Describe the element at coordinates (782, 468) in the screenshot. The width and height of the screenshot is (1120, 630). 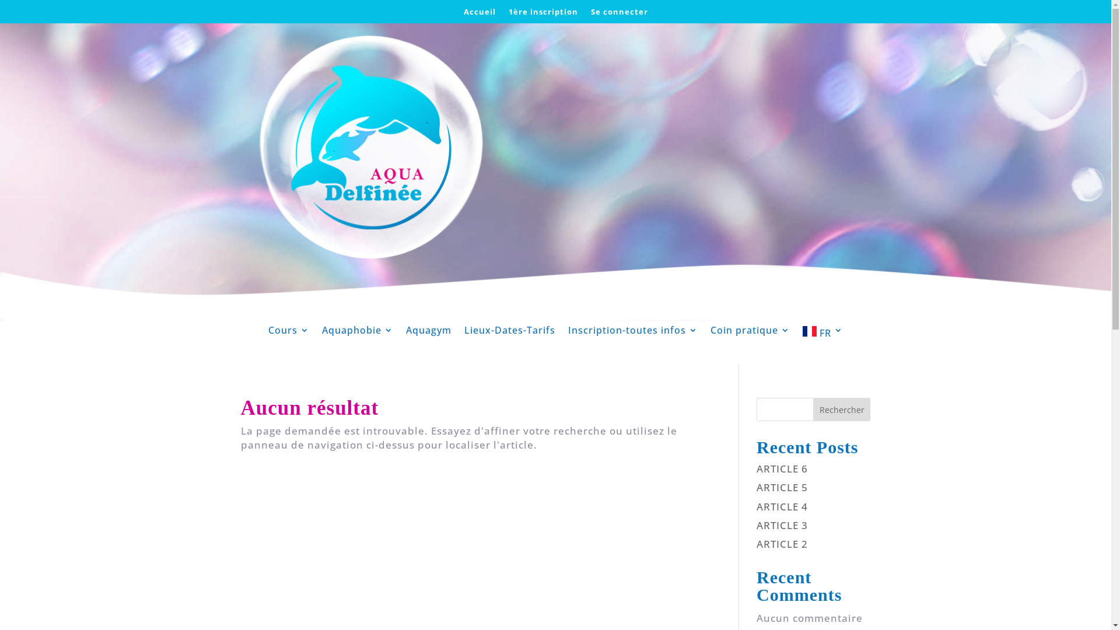
I see `'ARTICLE 6'` at that location.